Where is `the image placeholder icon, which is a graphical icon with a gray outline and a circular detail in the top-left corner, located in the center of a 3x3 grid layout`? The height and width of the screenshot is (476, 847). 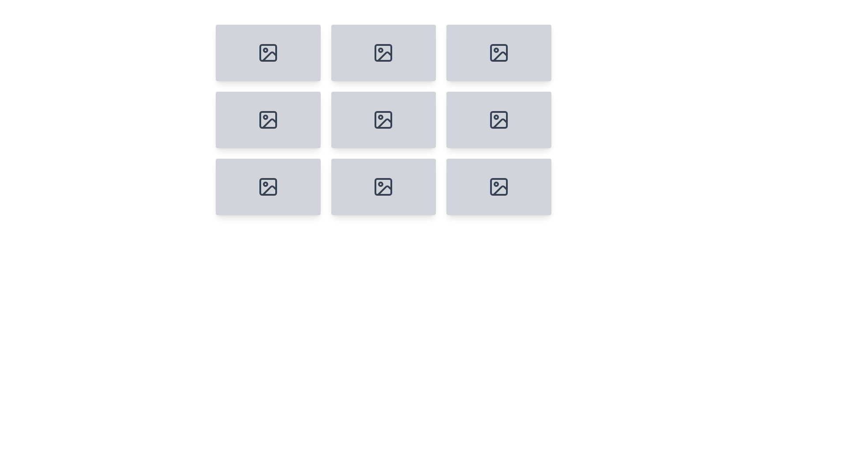 the image placeholder icon, which is a graphical icon with a gray outline and a circular detail in the top-left corner, located in the center of a 3x3 grid layout is located at coordinates (383, 186).